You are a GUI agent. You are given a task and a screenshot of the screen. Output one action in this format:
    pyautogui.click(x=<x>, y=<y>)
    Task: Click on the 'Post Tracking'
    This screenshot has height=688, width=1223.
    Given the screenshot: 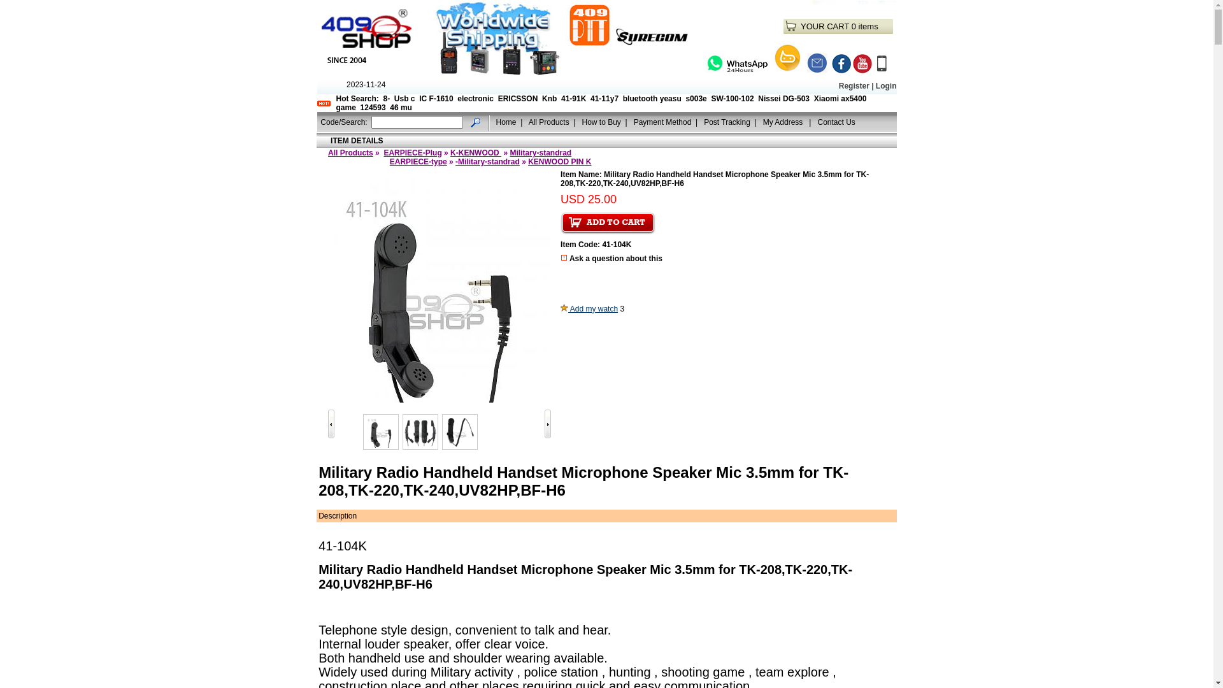 What is the action you would take?
    pyautogui.click(x=727, y=122)
    